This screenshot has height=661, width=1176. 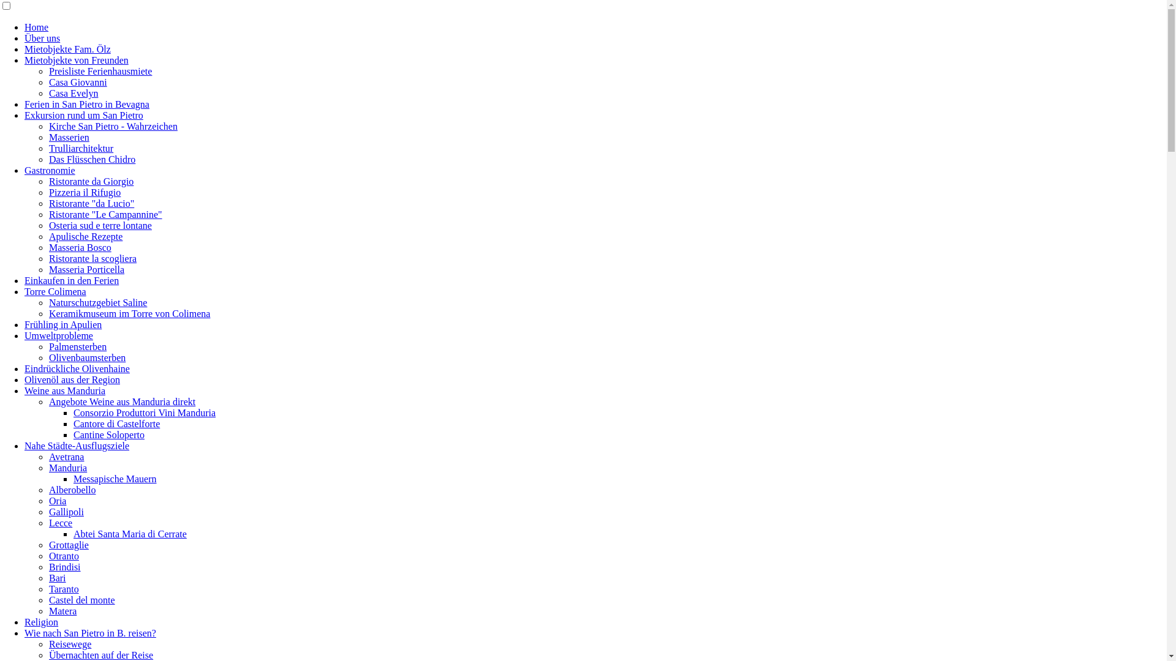 I want to click on 'Matera', so click(x=62, y=611).